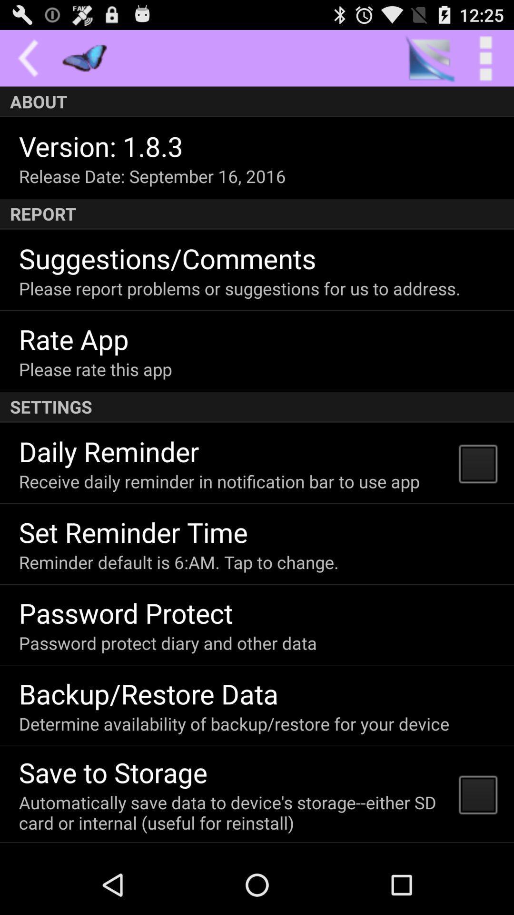 This screenshot has width=514, height=915. What do you see at coordinates (233, 812) in the screenshot?
I see `the app above don t send` at bounding box center [233, 812].